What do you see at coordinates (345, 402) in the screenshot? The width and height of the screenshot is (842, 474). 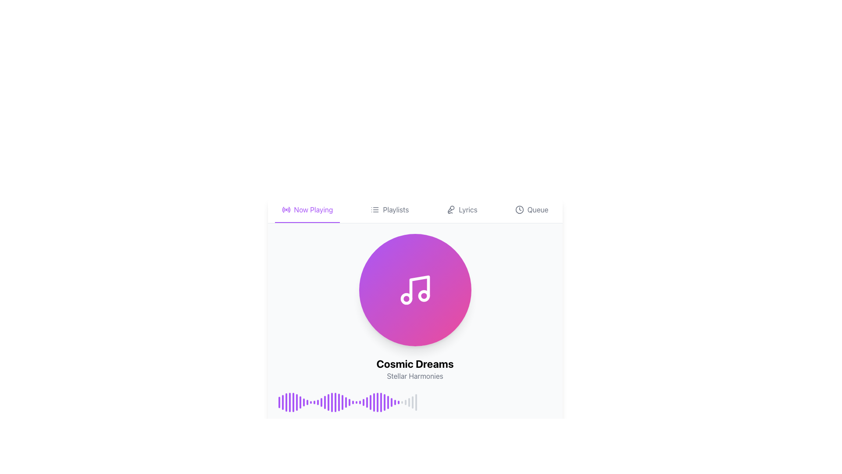 I see `the visual representation of the 20th waveform bar in the audio visualization, which is part of a collection of vertical bars below the central music graphic` at bounding box center [345, 402].